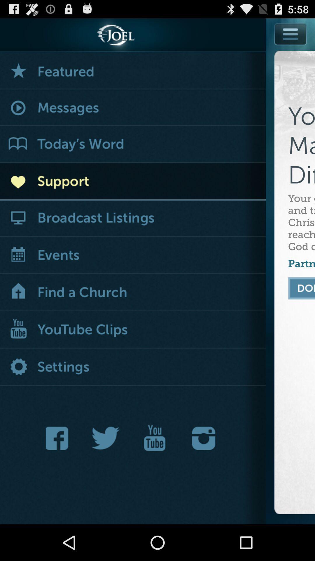  Describe the element at coordinates (133, 108) in the screenshot. I see `messages` at that location.